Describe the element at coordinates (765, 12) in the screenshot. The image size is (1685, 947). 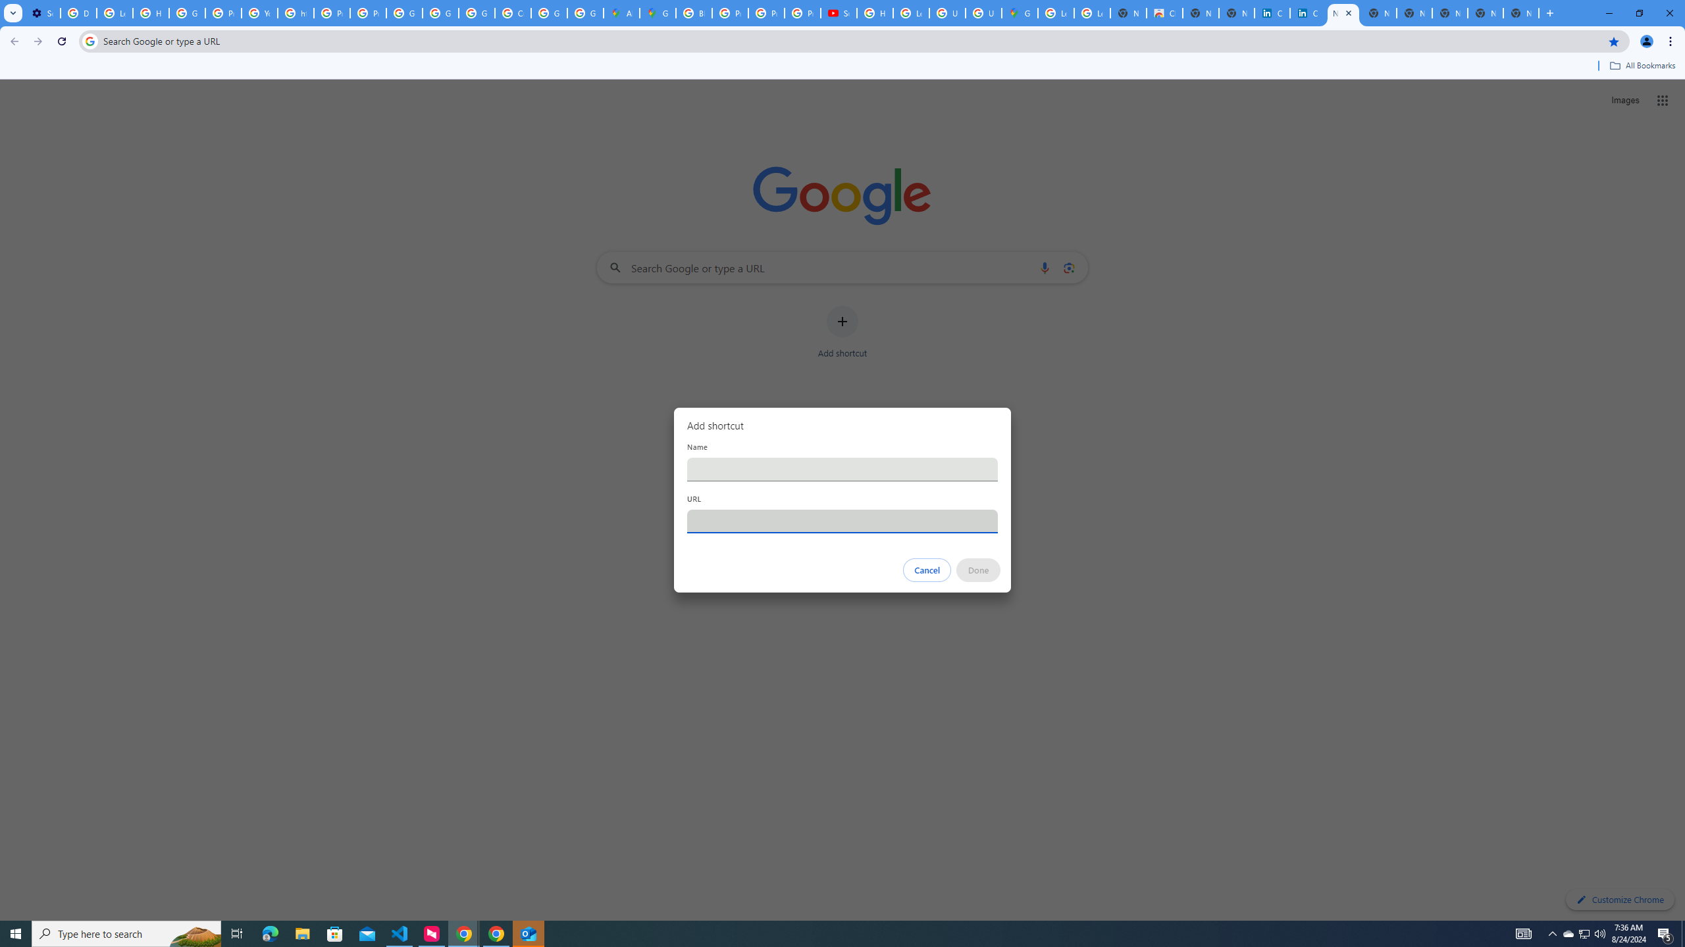
I see `'Privacy Help Center - Policies Help'` at that location.